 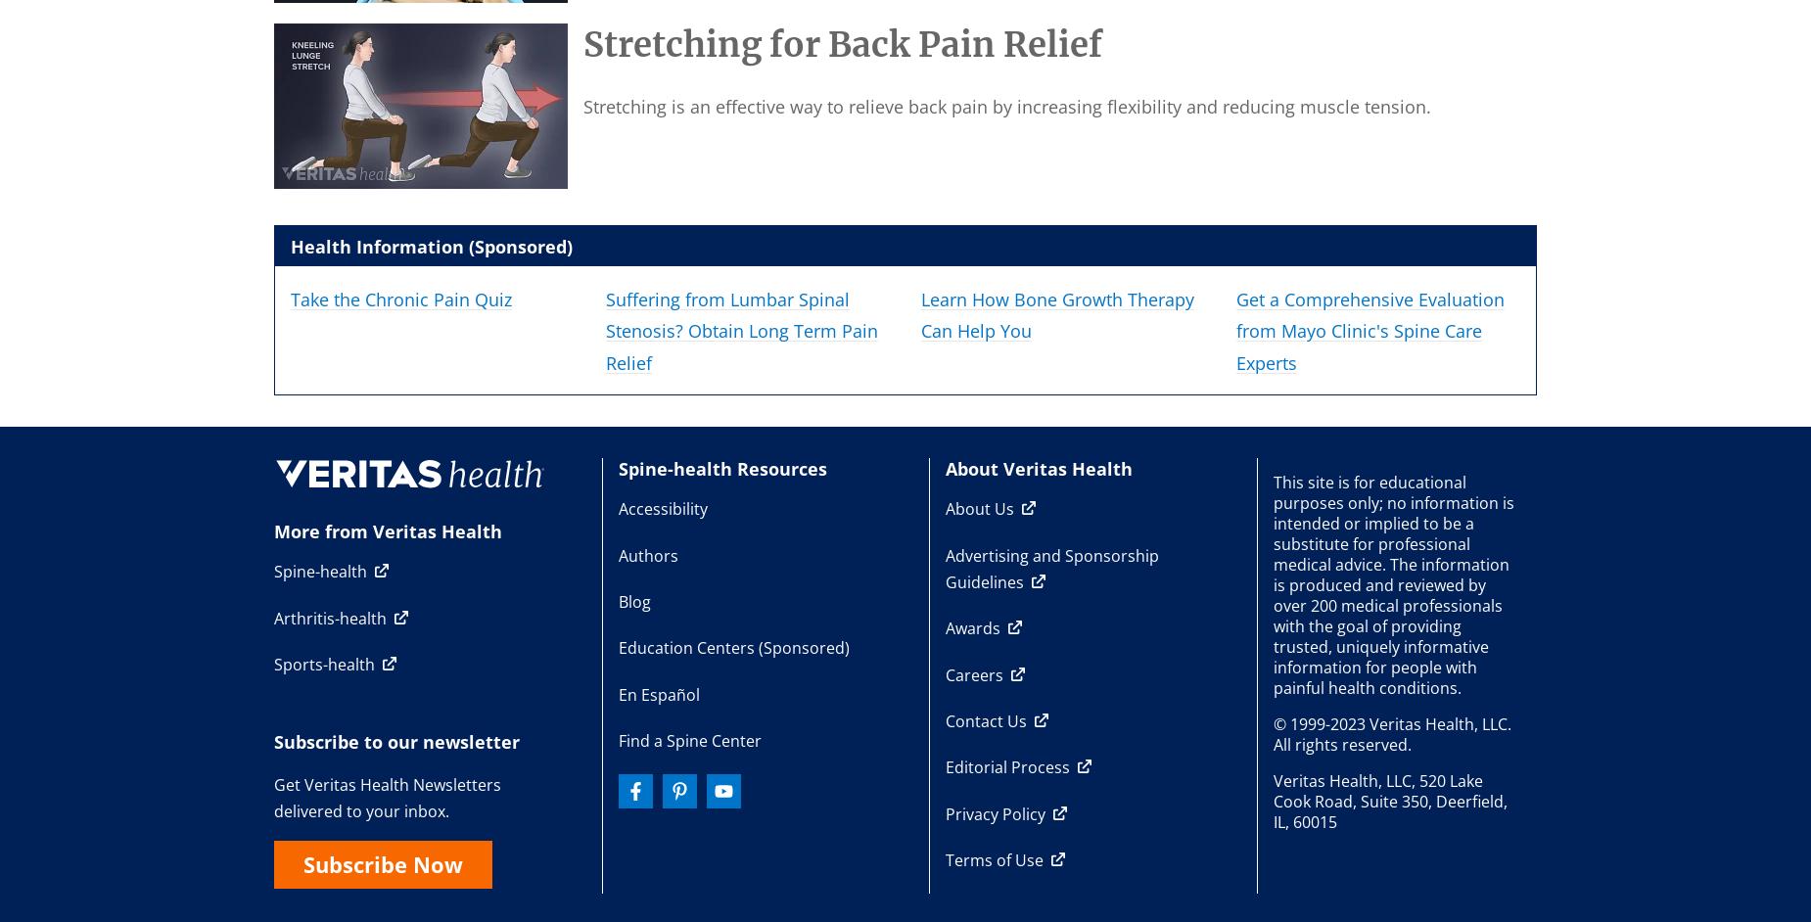 I want to click on 'Contact Us', so click(x=987, y=720).